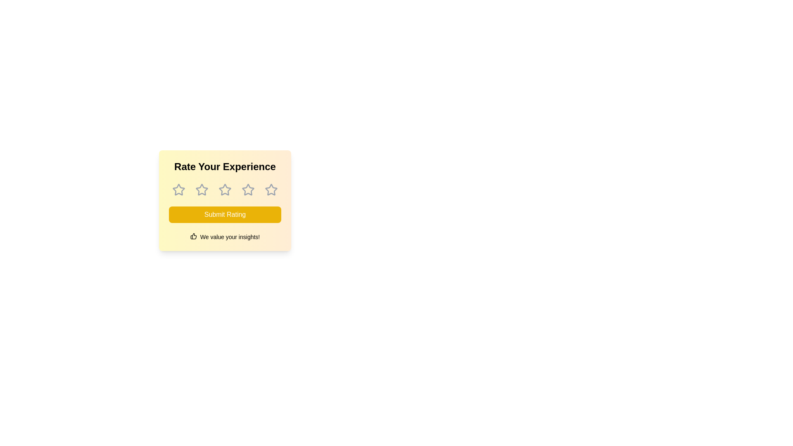 The image size is (793, 446). What do you see at coordinates (193, 236) in the screenshot?
I see `the icon that serves as a visual indicator next to the text 'We value your insights!' located below the 'Submit Rating' button in the rating card interface` at bounding box center [193, 236].